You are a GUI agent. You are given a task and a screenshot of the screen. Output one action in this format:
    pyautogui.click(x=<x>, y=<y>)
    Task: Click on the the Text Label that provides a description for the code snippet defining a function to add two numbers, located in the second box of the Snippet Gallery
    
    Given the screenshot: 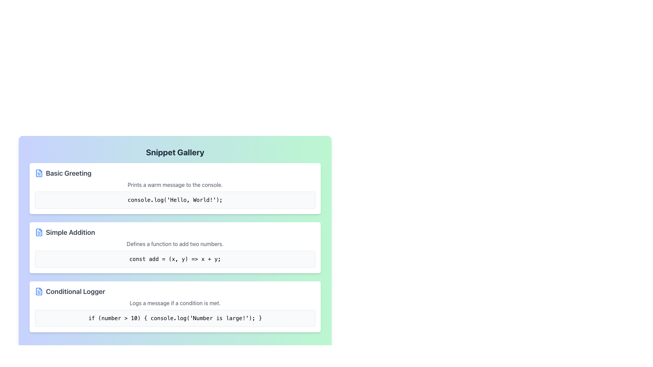 What is the action you would take?
    pyautogui.click(x=175, y=243)
    